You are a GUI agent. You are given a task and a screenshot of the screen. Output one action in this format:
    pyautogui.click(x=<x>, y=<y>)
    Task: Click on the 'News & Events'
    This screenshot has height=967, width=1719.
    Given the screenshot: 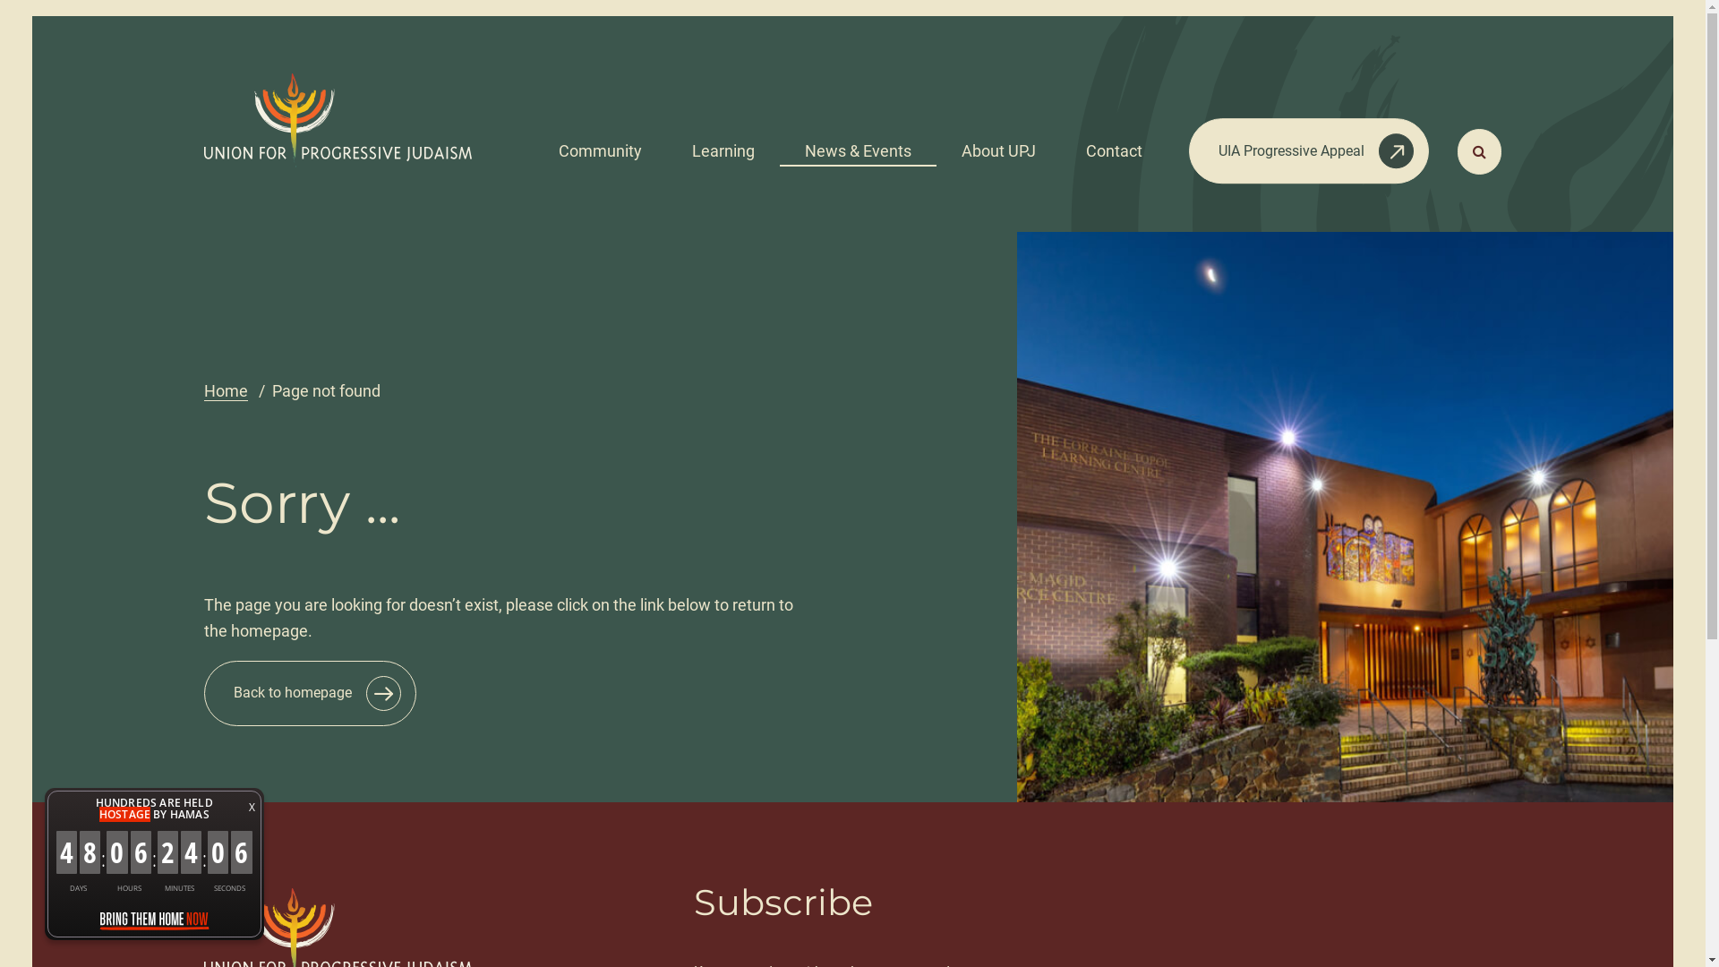 What is the action you would take?
    pyautogui.click(x=857, y=144)
    